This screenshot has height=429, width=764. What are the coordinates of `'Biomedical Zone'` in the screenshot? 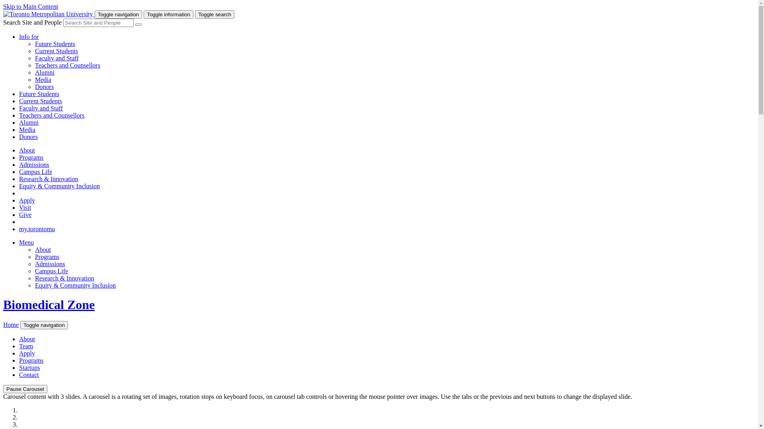 It's located at (49, 304).